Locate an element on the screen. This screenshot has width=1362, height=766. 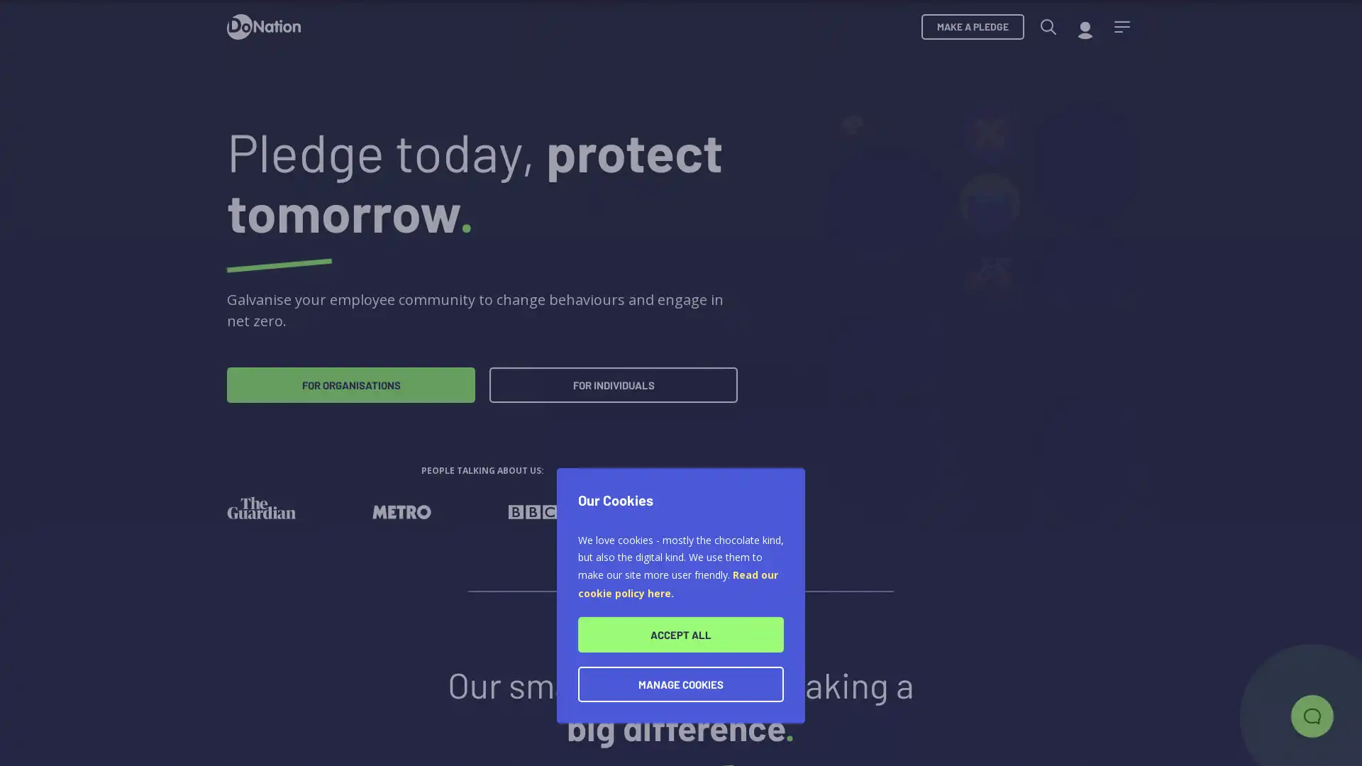
Menu is located at coordinates (1122, 27).